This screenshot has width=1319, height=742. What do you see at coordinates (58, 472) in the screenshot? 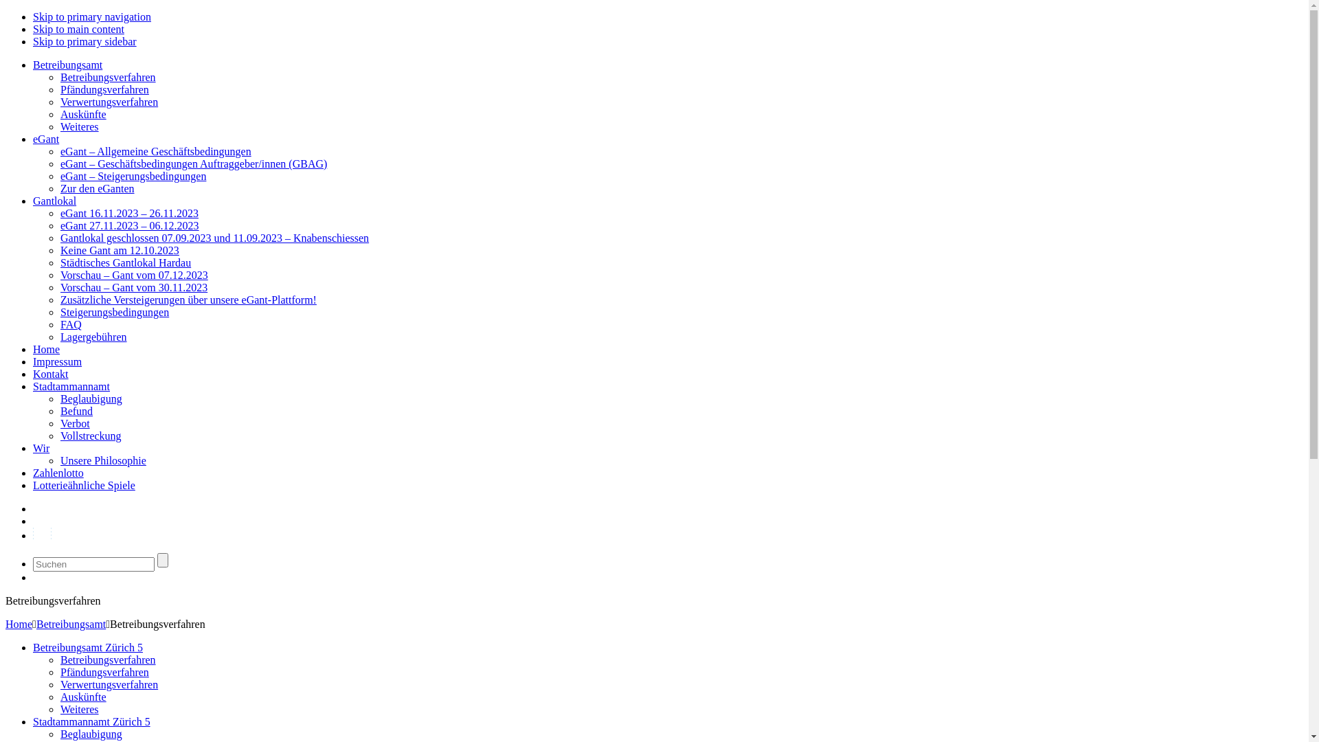
I see `'Zahlenlotto'` at bounding box center [58, 472].